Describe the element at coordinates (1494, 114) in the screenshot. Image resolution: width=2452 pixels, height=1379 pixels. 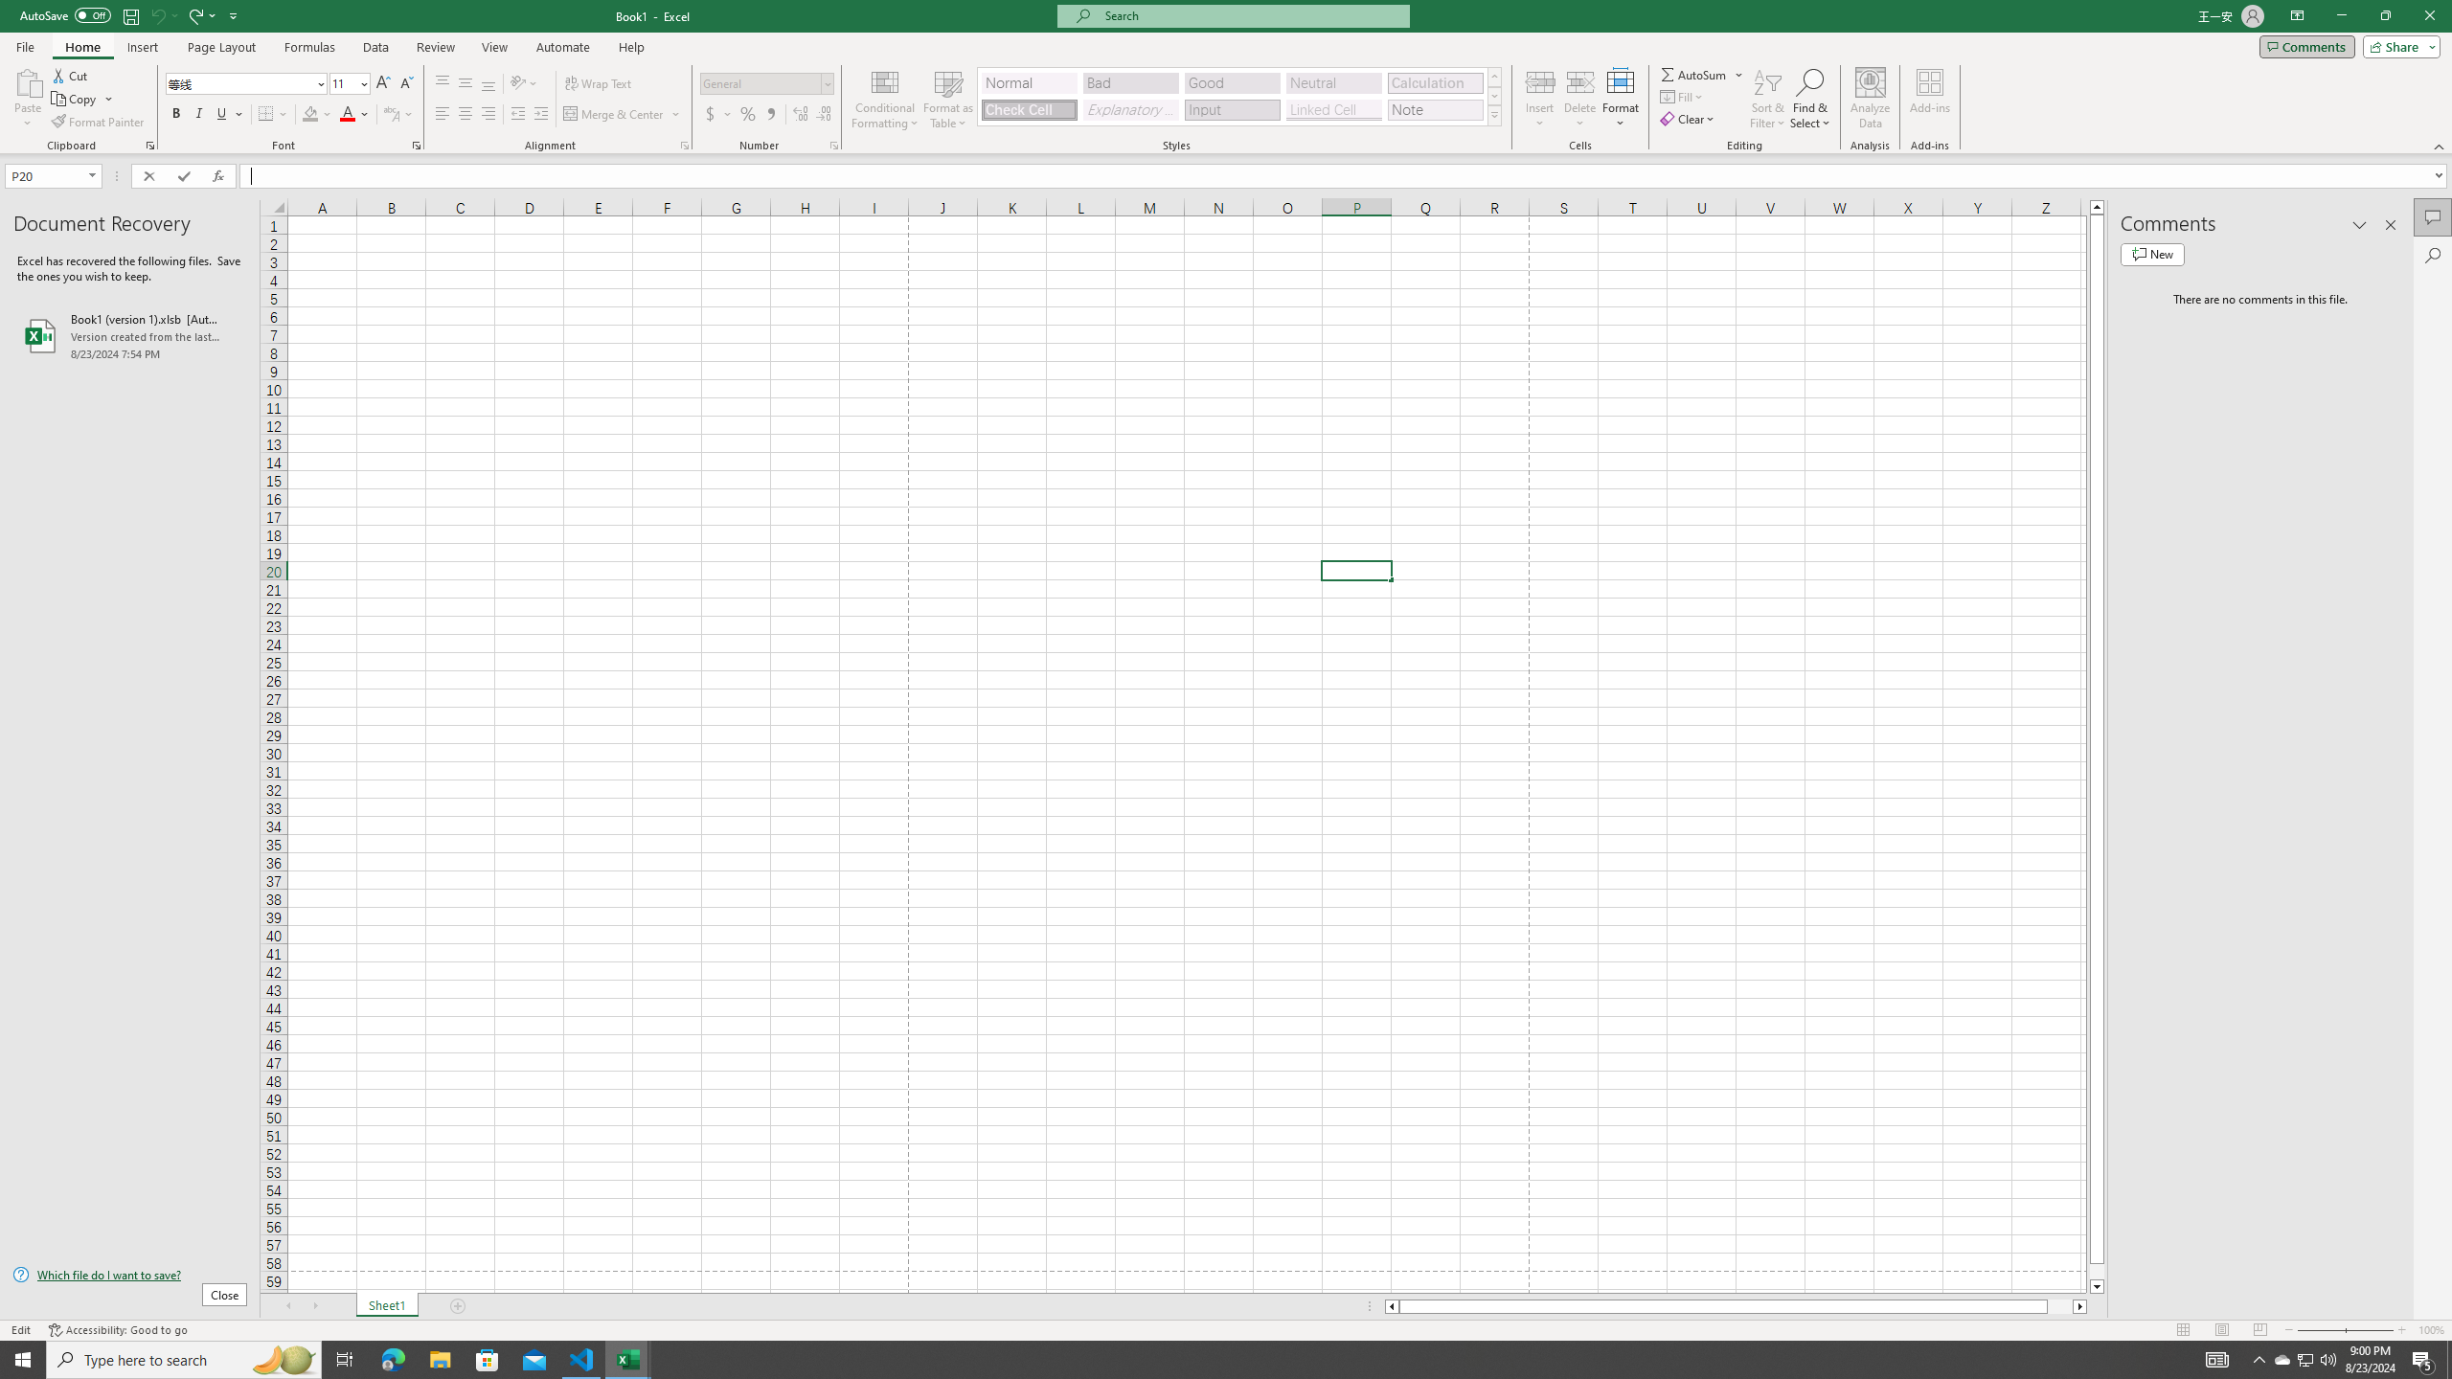
I see `'Cell Styles'` at that location.